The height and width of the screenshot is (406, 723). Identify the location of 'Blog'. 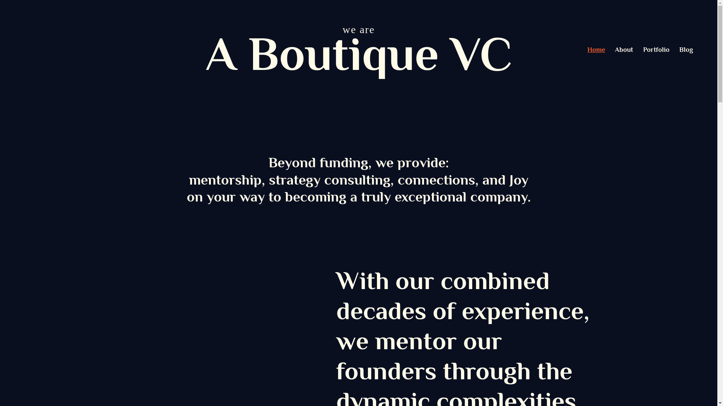
(679, 49).